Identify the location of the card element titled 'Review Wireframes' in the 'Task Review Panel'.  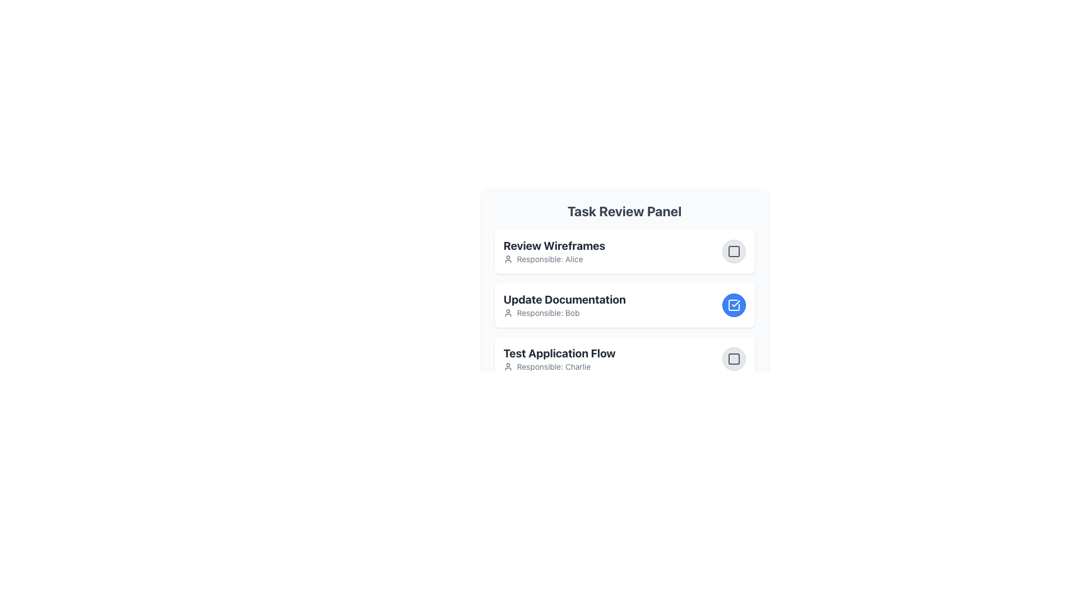
(624, 250).